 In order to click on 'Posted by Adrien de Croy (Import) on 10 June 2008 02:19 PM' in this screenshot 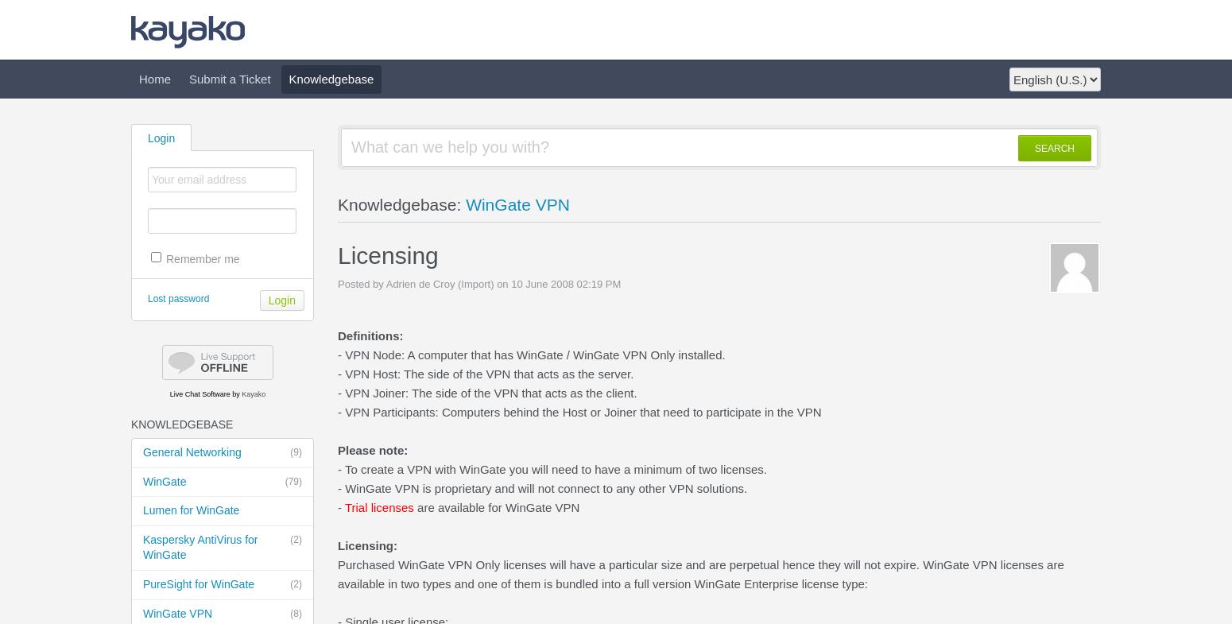, I will do `click(478, 283)`.